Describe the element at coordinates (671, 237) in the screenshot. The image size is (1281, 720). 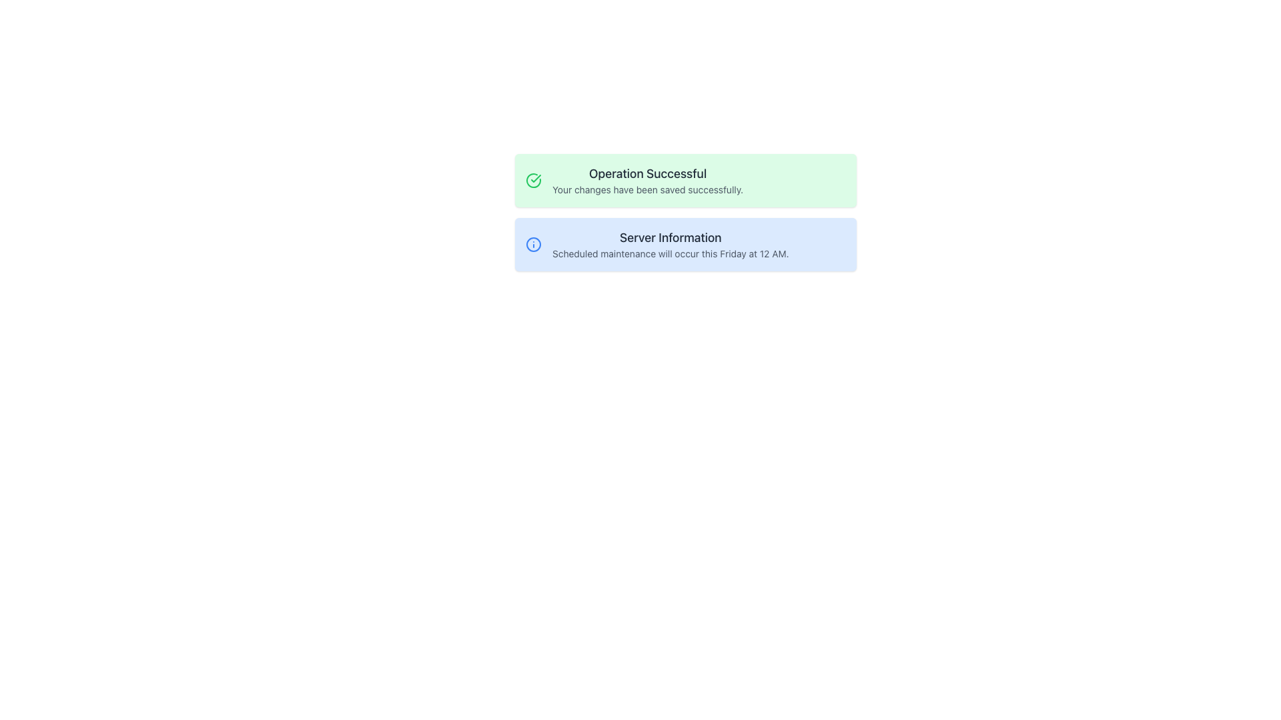
I see `the Text Label that serves as a header for the server information section` at that location.